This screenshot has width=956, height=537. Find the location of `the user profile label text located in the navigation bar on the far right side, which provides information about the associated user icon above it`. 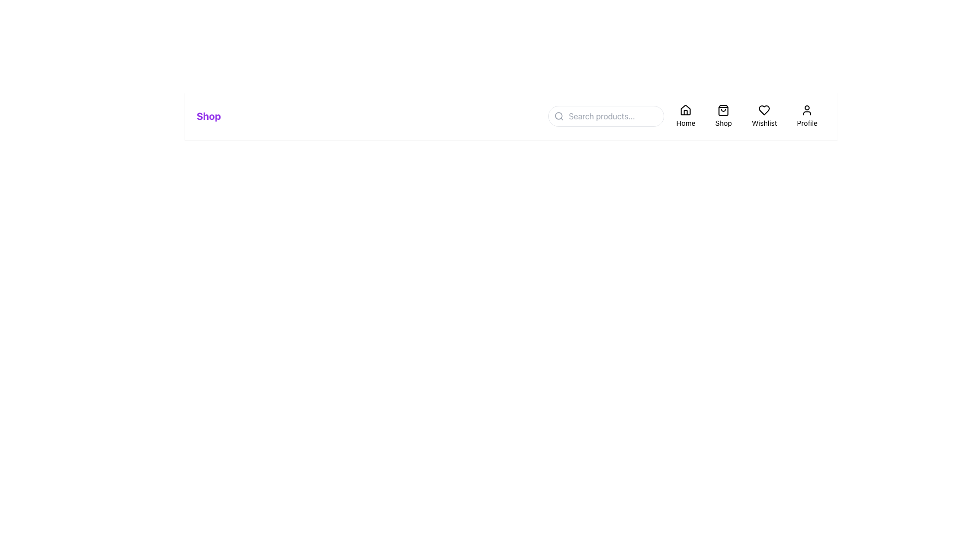

the user profile label text located in the navigation bar on the far right side, which provides information about the associated user icon above it is located at coordinates (807, 122).